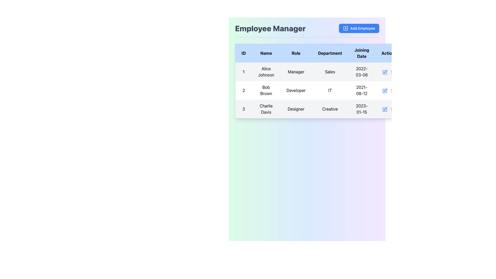 This screenshot has height=279, width=496. Describe the element at coordinates (296, 72) in the screenshot. I see `the static text cell displaying the job title of the individual in the first row of the table, located in the third column between 'Alice Johnson' and 'Sales'` at that location.